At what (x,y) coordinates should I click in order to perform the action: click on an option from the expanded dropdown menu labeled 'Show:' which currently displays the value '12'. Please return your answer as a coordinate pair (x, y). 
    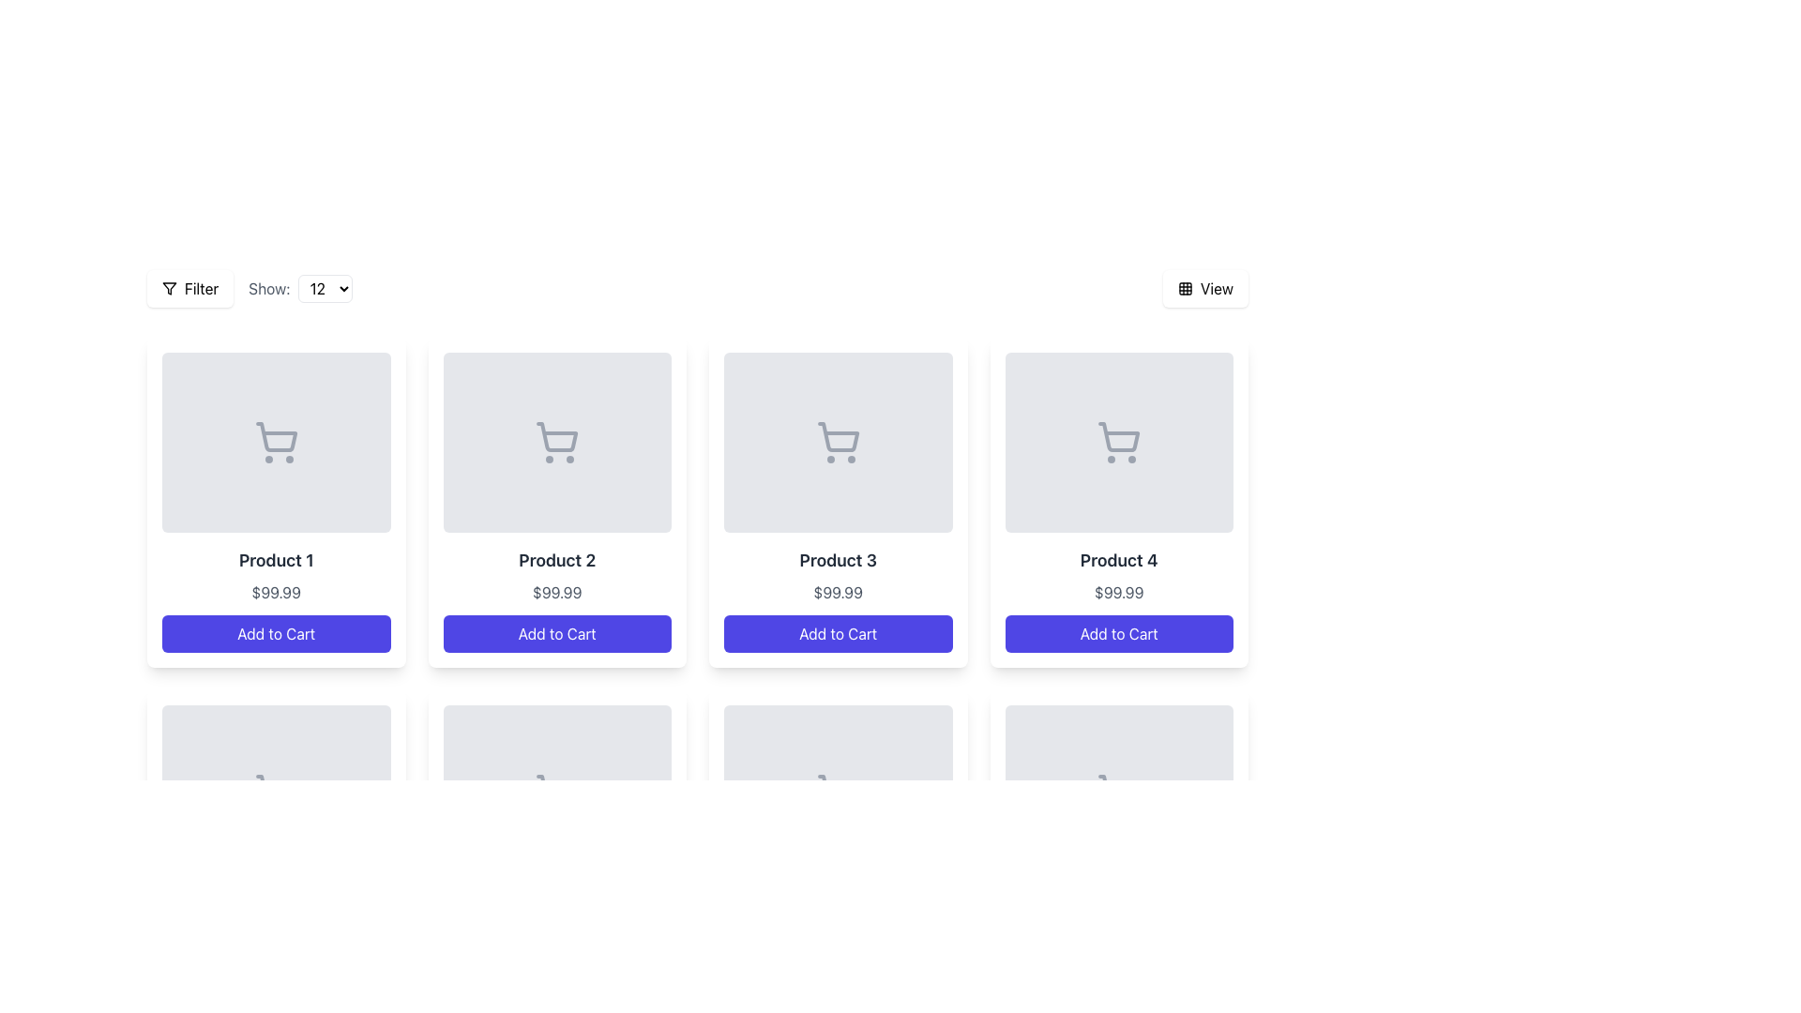
    Looking at the image, I should click on (325, 289).